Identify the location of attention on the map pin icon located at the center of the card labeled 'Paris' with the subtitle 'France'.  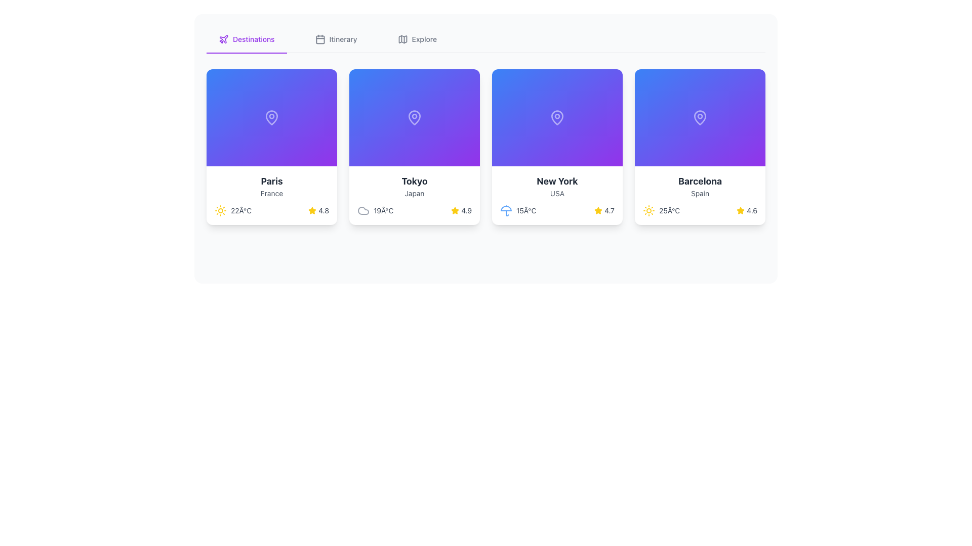
(272, 117).